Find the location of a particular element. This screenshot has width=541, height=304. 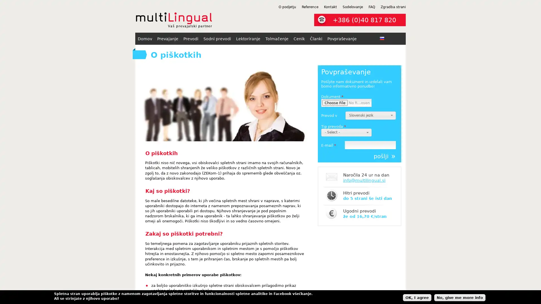

OK, I agree is located at coordinates (417, 297).